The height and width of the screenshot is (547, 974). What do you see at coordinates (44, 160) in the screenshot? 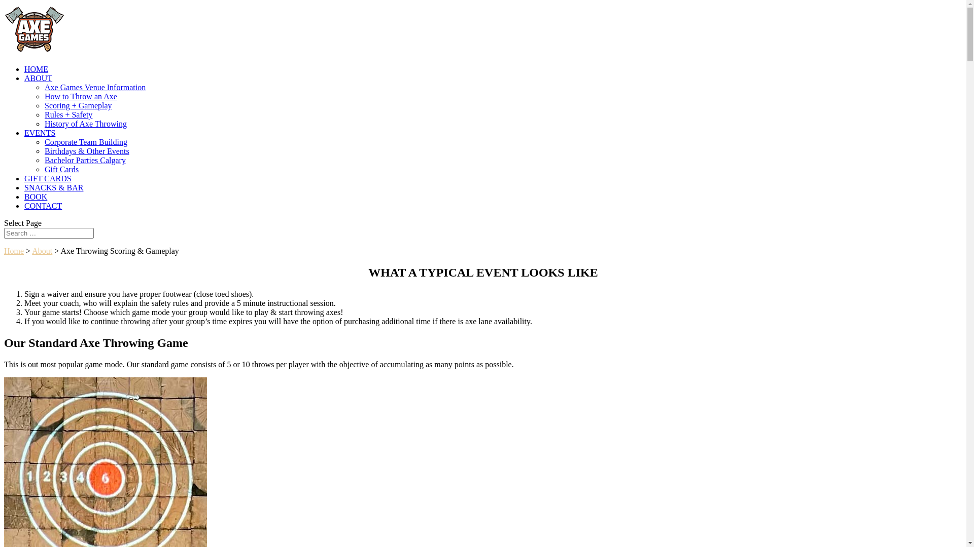
I see `'Bachelor Parties Calgary'` at bounding box center [44, 160].